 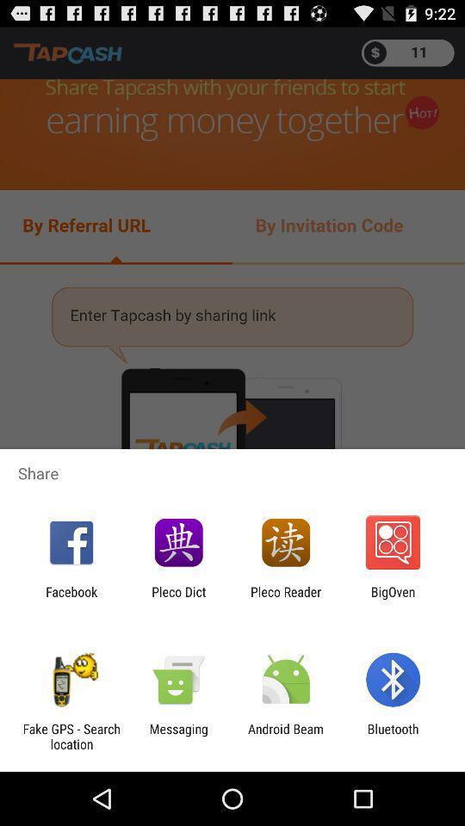 What do you see at coordinates (71, 599) in the screenshot?
I see `the icon next to pleco dict item` at bounding box center [71, 599].